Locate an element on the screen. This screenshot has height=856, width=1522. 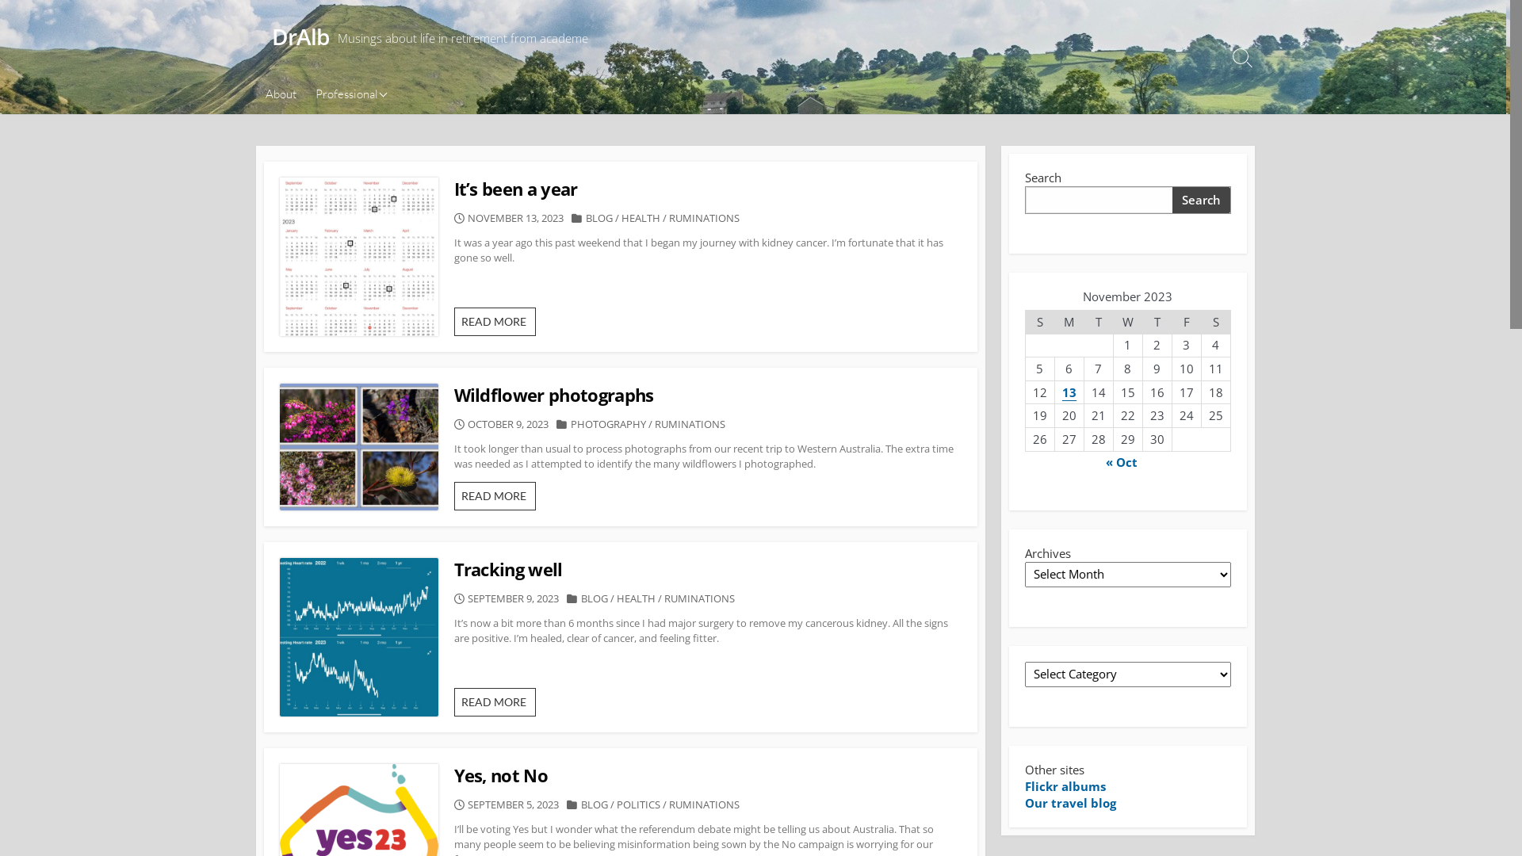
'RUMINATIONS' is located at coordinates (703, 217).